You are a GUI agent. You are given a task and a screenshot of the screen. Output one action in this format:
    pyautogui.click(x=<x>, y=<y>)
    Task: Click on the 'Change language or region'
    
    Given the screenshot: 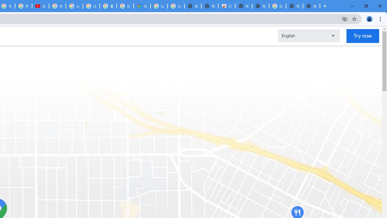 What is the action you would take?
    pyautogui.click(x=309, y=36)
    